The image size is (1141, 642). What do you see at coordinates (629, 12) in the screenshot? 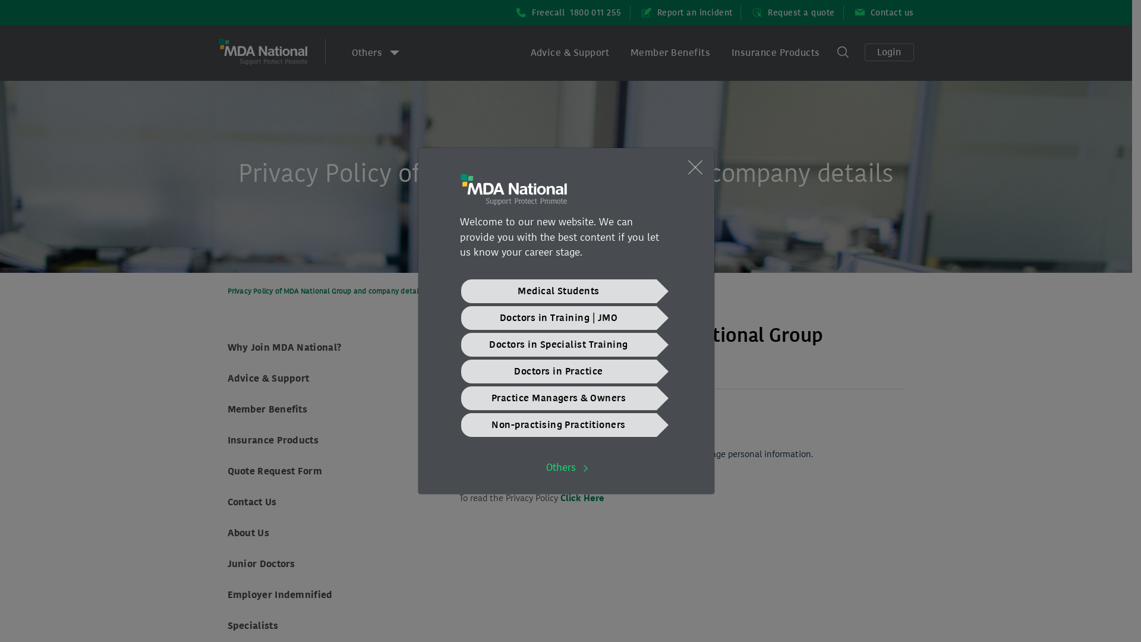
I see `'Report an incident'` at bounding box center [629, 12].